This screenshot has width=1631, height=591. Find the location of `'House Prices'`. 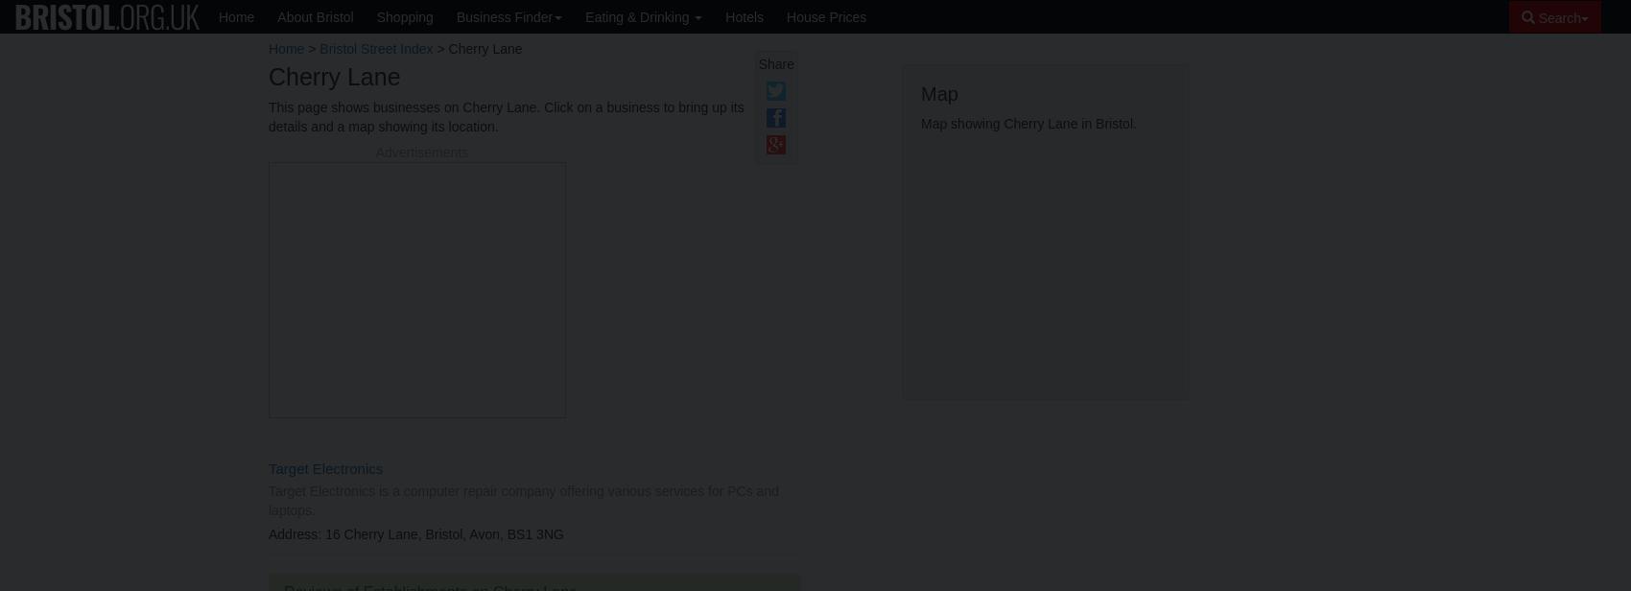

'House Prices' is located at coordinates (826, 16).